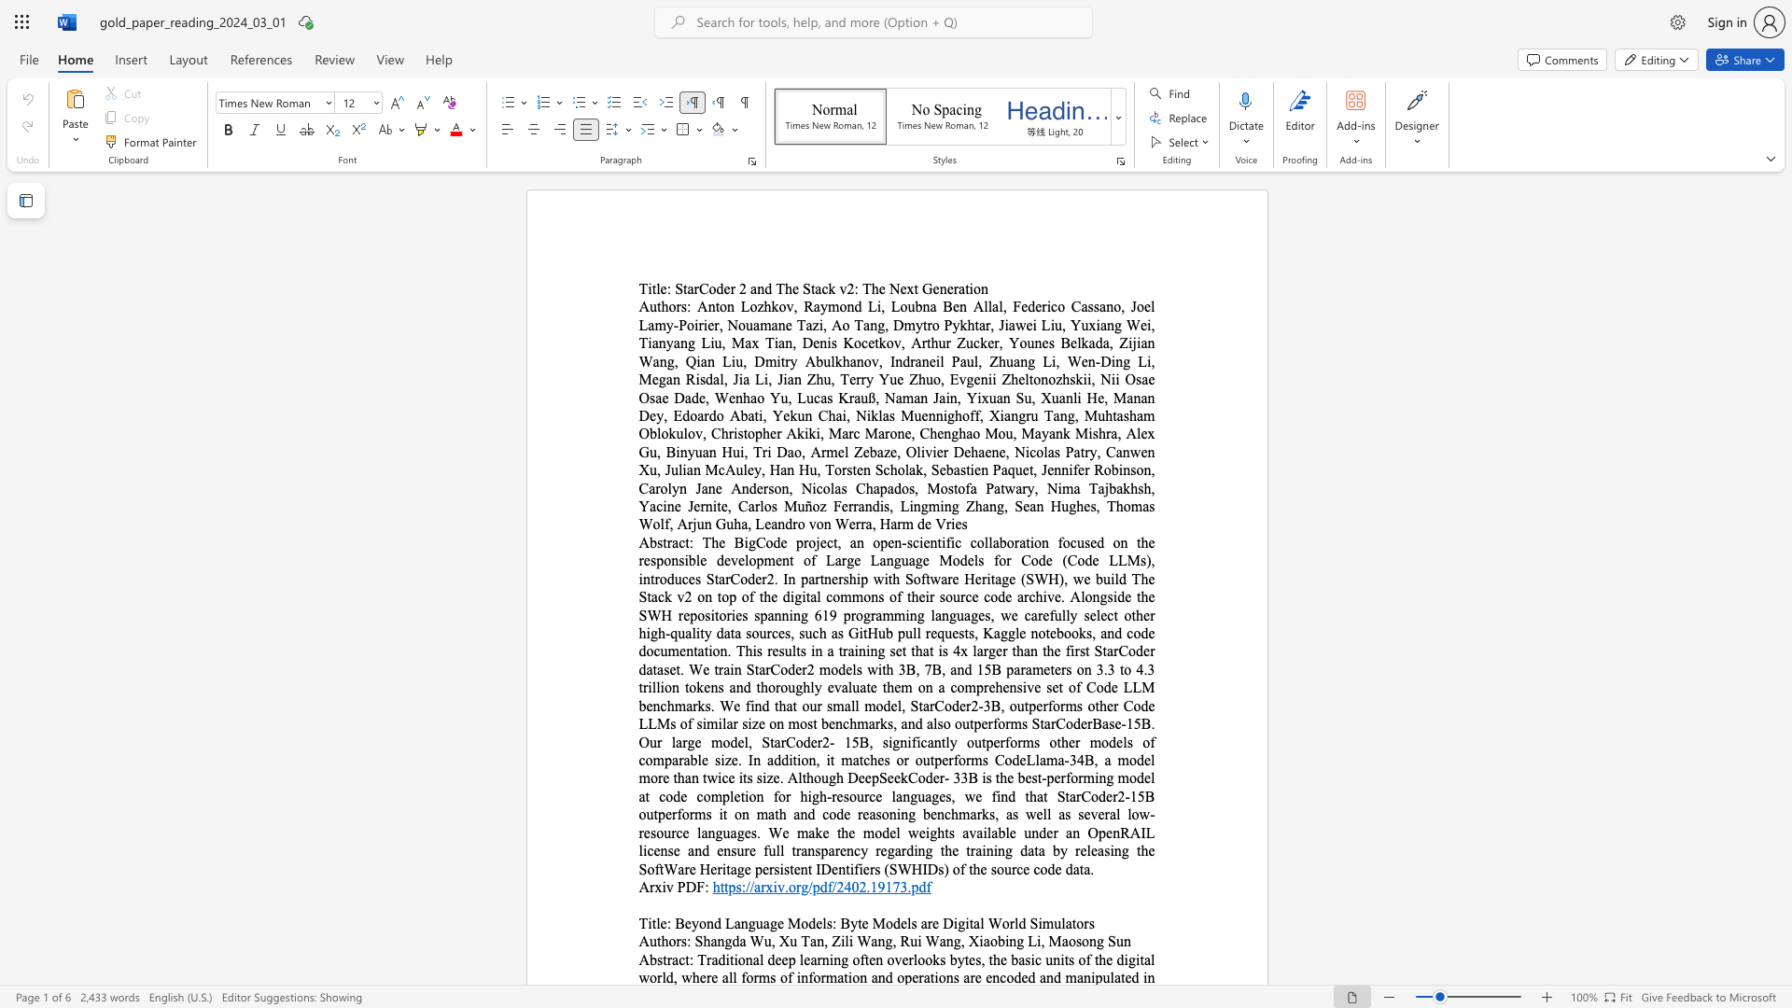  Describe the element at coordinates (833, 469) in the screenshot. I see `the subset text "orsten Scholak, Sebastien Paquet, Jennifer Robinson, Carolyn Jane Anderso" within the text "Anton Lozhkov, Raymond Li, Loubna Ben Allal, Federico Cassano, Joel Lamy-Poirier, Nouamane Tazi, Ao Tang, Dmytro Pykhtar, Jiawei Liu, Yuxiang Wei, Tianyang Liu, Max Tian, Denis Kocetkov, Arthur Zucker, Younes Belkada, Zijian Wang, Qian Liu, Dmitry Abulkhanov, Indraneil Paul, Zhuang Li, Wen-Ding Li, Megan Risdal, Jia Li, Jian Zhu, Terry Yue Zhuo, Evgenii Zheltonozhskii, Nii Osae Osae Dade, Wenhao Yu, Lucas Krauß, Naman Jain, Yixuan Su, Xuanli He, Manan Dey, Edoardo Abati, Yekun Chai, Niklas Muennighoff, Xiangru Tang, Muhtasham Oblokulov, Christopher Akiki, Marc Marone, Chenghao Mou, Mayank Mishra, Alex Gu, Binyuan Hui, Tri Dao, Armel Zebaze, Olivier Dehaene, Nicolas Patry, Canwen Xu, Julian McAuley, Han Hu, Torsten Scholak, Sebastien Paquet, Jennifer Robinson, Carolyn Jane Anderson, Nicolas Chapados, Mostofa Patwary, Nima Tajbakhsh, Yacine Jernite, Carlos Muñoz Ferrandis, Lingming Zhang, Sean Hughes, Thomas Wolf, Arjun Guha, Leandro von Werra, Harm de Vries"` at that location.